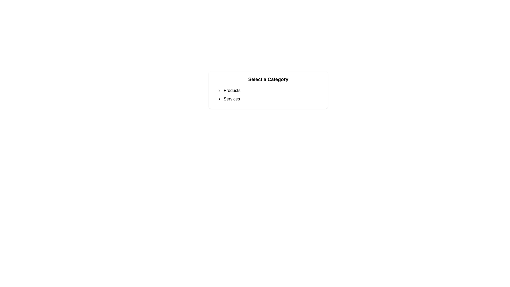 The image size is (510, 287). What do you see at coordinates (232, 90) in the screenshot?
I see `the selectable Text label that represents a category option in the list under 'Select a Category'` at bounding box center [232, 90].